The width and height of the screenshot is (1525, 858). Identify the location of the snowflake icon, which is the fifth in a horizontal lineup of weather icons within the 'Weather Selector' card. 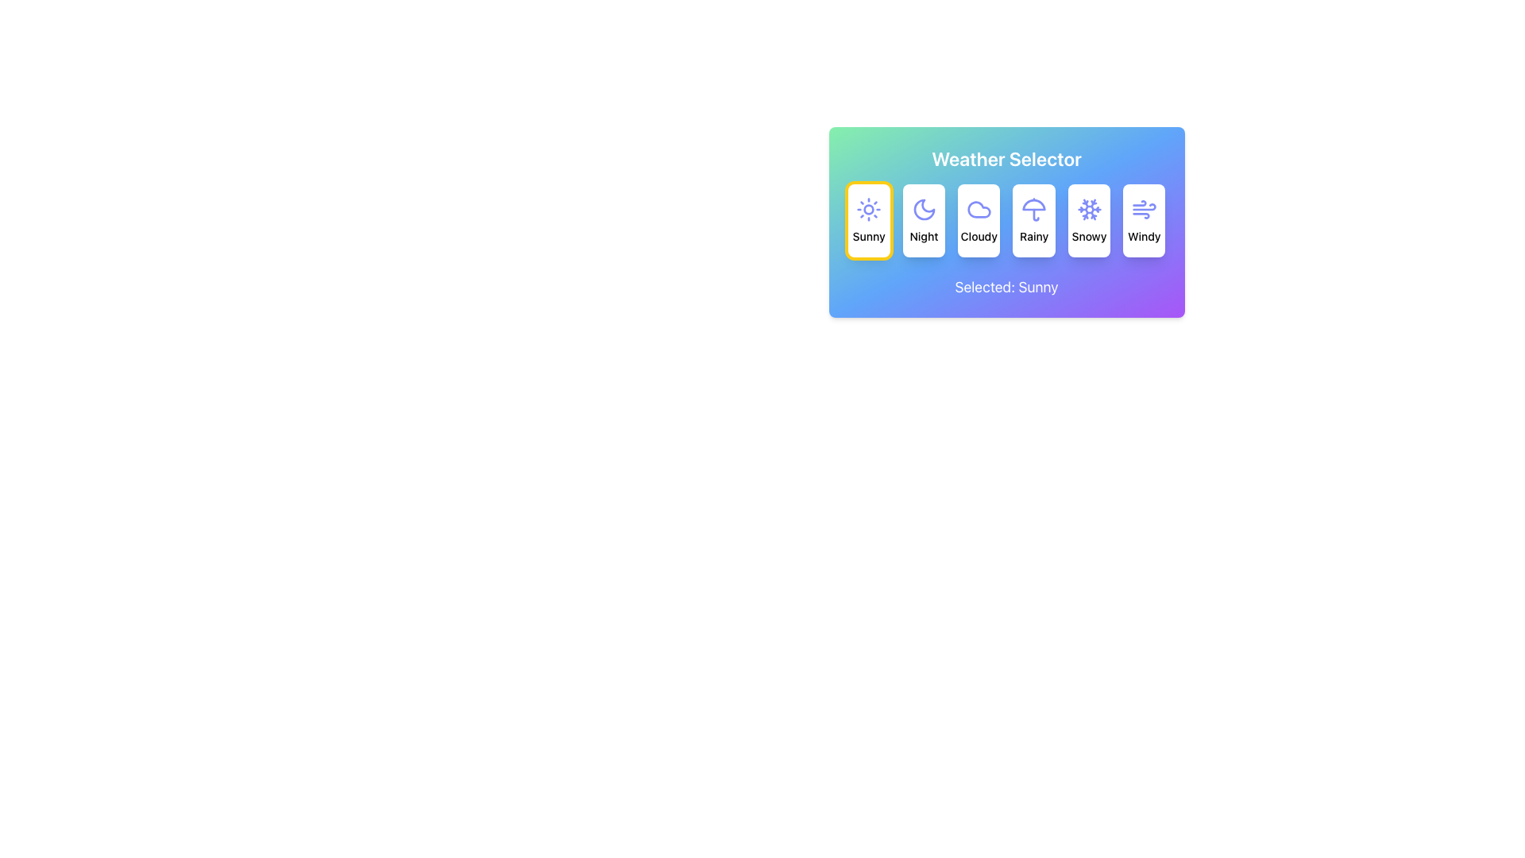
(1088, 208).